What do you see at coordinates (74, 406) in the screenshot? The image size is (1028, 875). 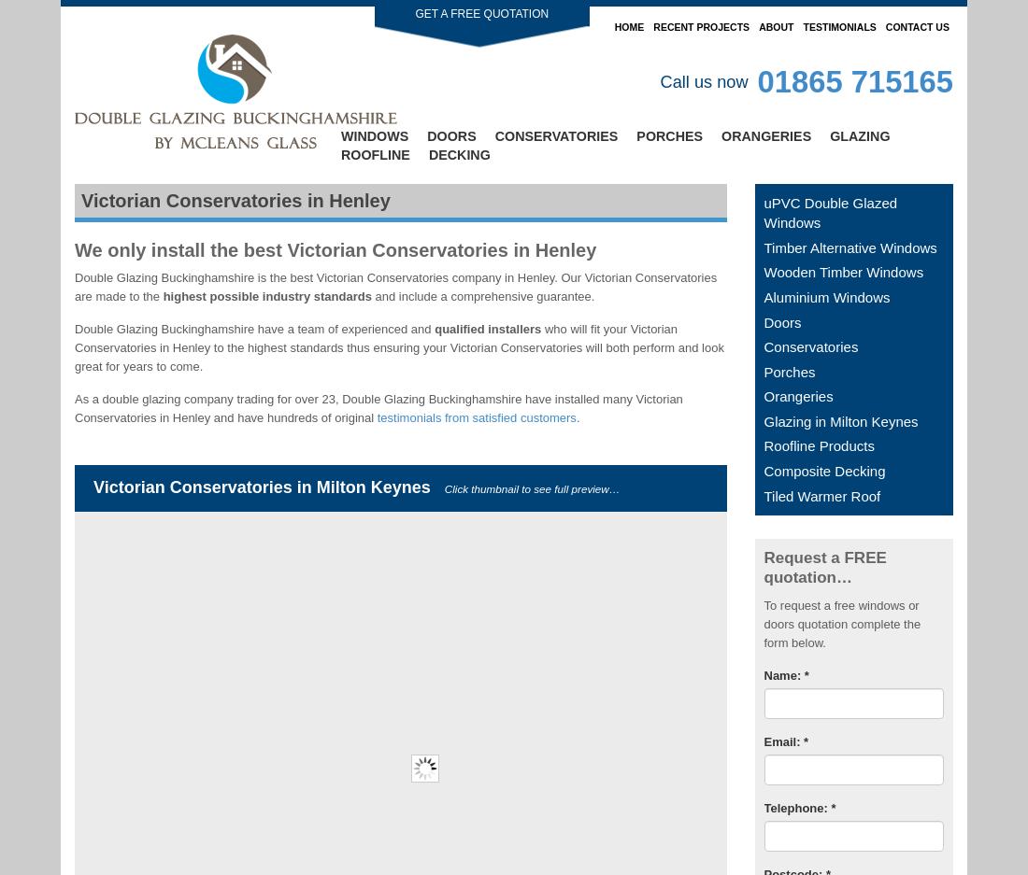 I see `'As a double glazing company trading for over 23, Double Glazing Buckinghamshire have installed many Victorian Conservatories in Henley and have hundreds of original'` at bounding box center [74, 406].